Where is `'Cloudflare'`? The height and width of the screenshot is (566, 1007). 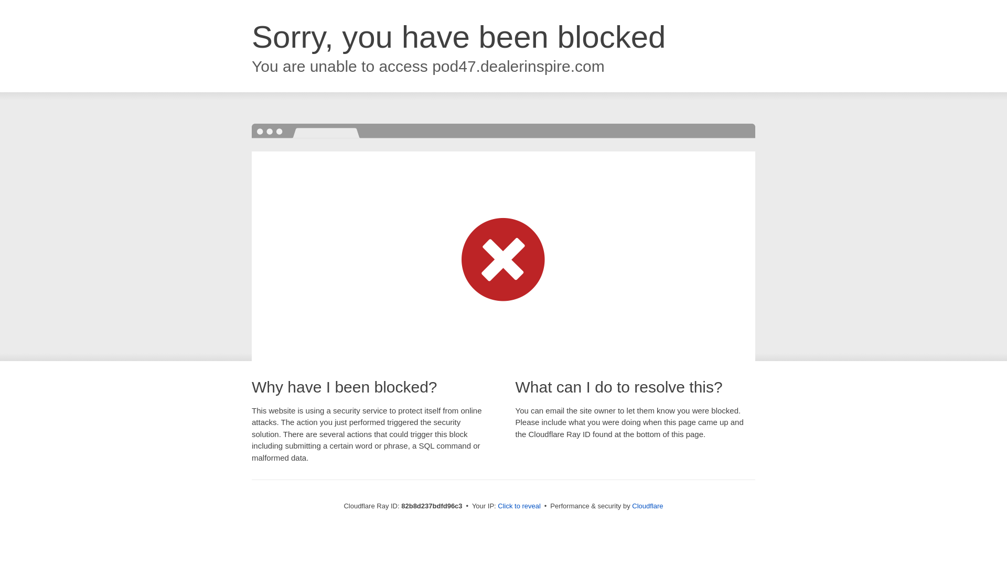
'Cloudflare' is located at coordinates (647, 505).